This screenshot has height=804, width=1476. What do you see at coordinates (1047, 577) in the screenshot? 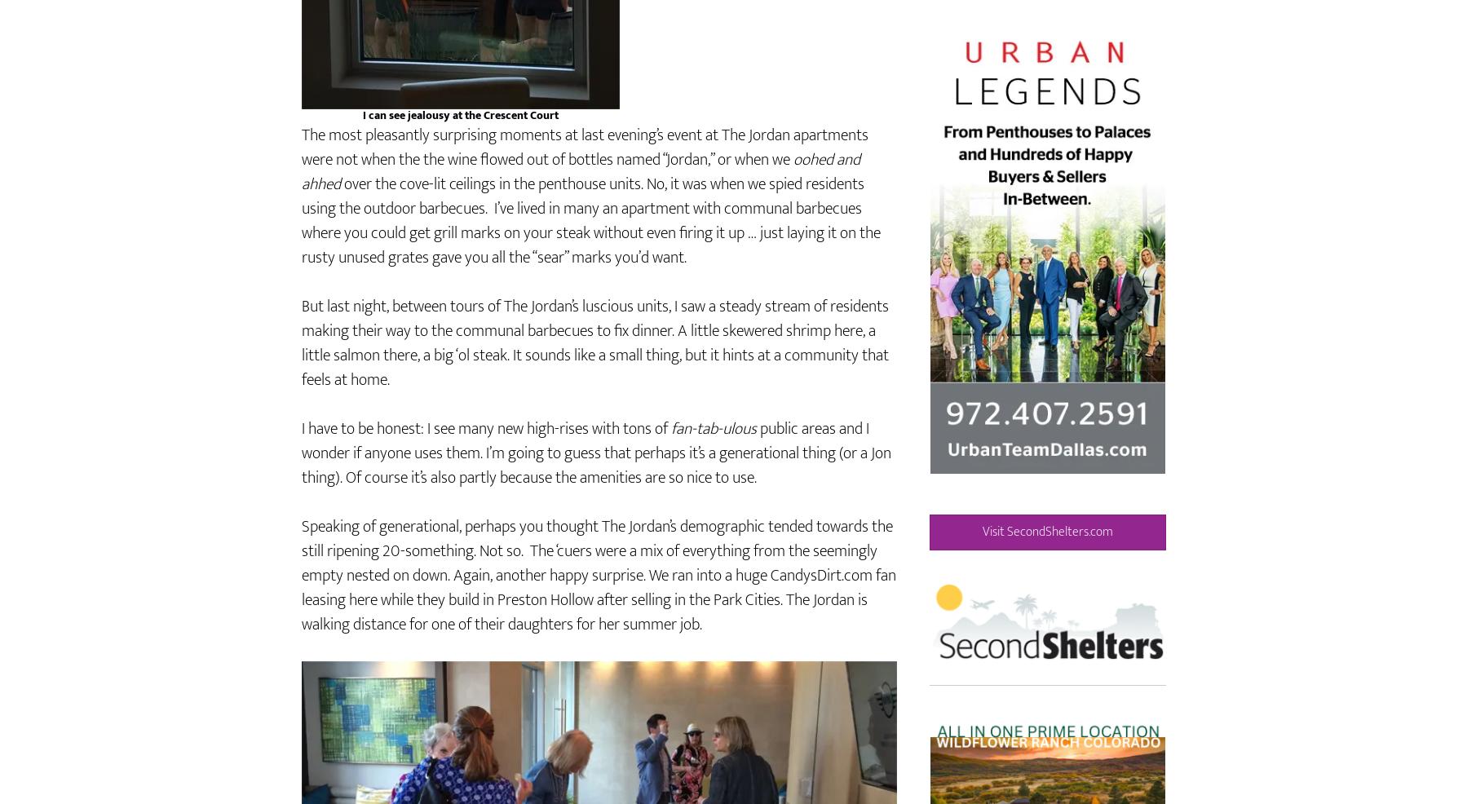
I see `'Visit SecondShelters.com'` at bounding box center [1047, 577].